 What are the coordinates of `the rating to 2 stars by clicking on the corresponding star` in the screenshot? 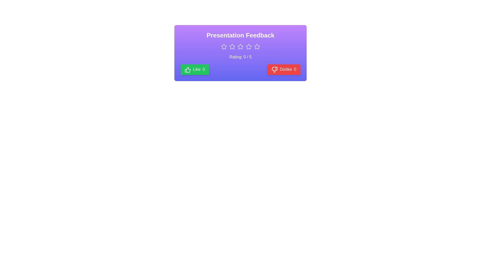 It's located at (232, 47).